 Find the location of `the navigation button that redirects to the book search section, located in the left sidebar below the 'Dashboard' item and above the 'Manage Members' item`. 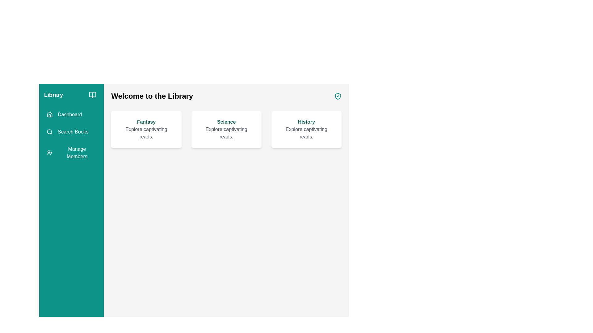

the navigation button that redirects to the book search section, located in the left sidebar below the 'Dashboard' item and above the 'Manage Members' item is located at coordinates (67, 132).